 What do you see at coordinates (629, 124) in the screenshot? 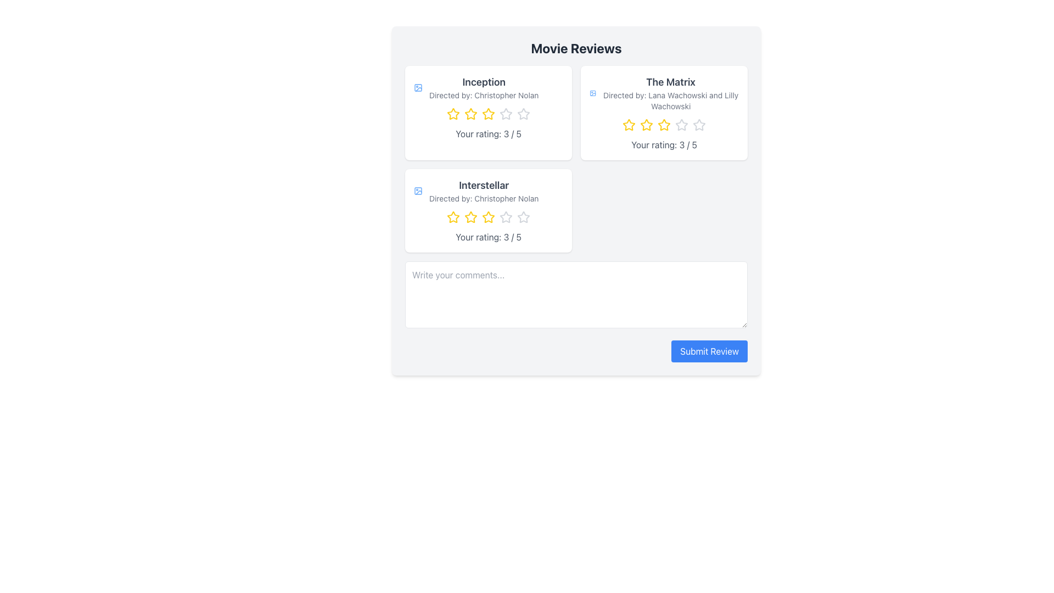
I see `the first interactive star to rate the movie 'The Matrix' with 1 star` at bounding box center [629, 124].